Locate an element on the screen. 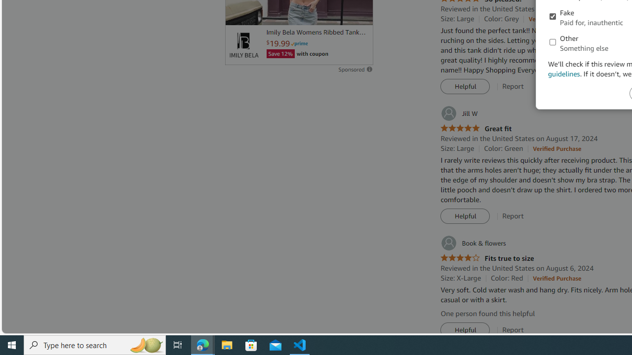  '5.0 out of 5 stars Great fit' is located at coordinates (476, 128).